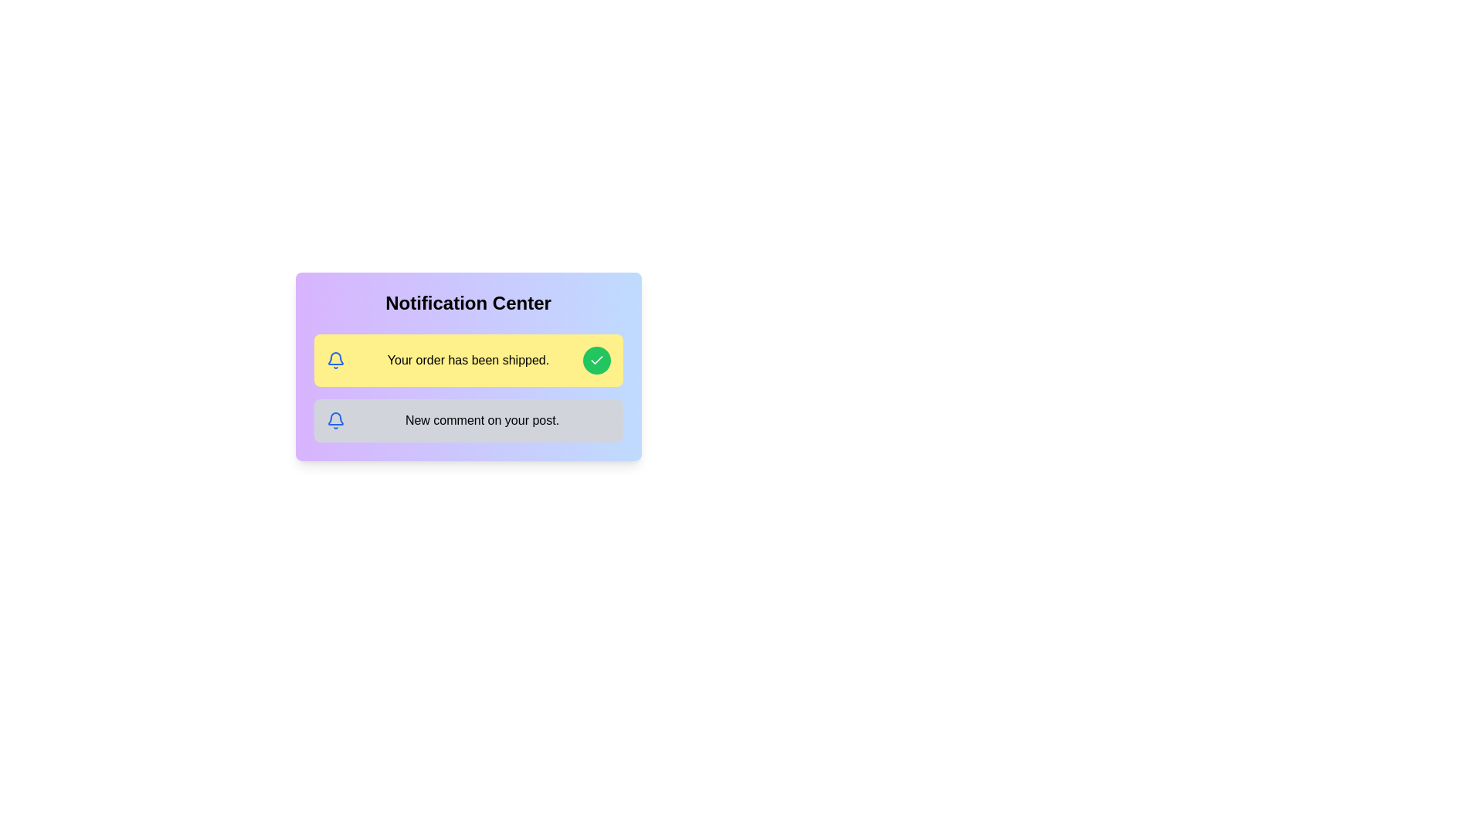 Image resolution: width=1483 pixels, height=834 pixels. I want to click on second notification item in the Notification Center informing about a new comment on the user's post, so click(467, 420).